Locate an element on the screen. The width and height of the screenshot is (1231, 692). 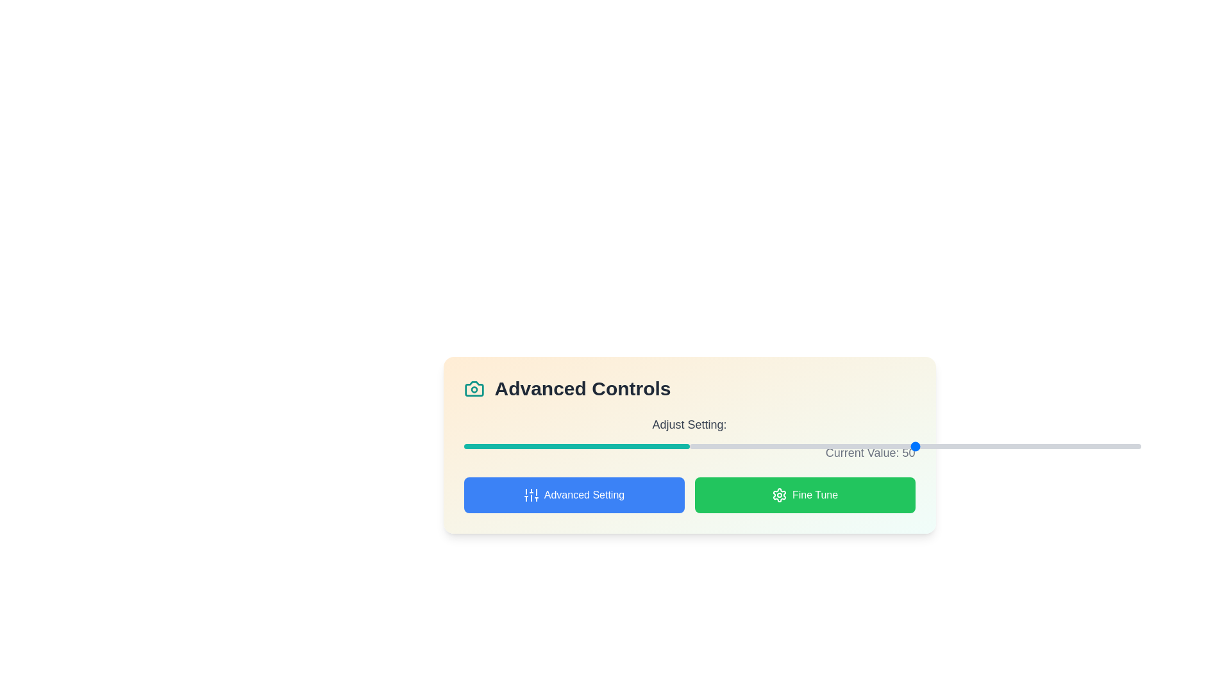
text label 'Fine Tune' which is displayed on a green button background, located at the bottom center of the panel, adjacent to an icon is located at coordinates (814, 494).